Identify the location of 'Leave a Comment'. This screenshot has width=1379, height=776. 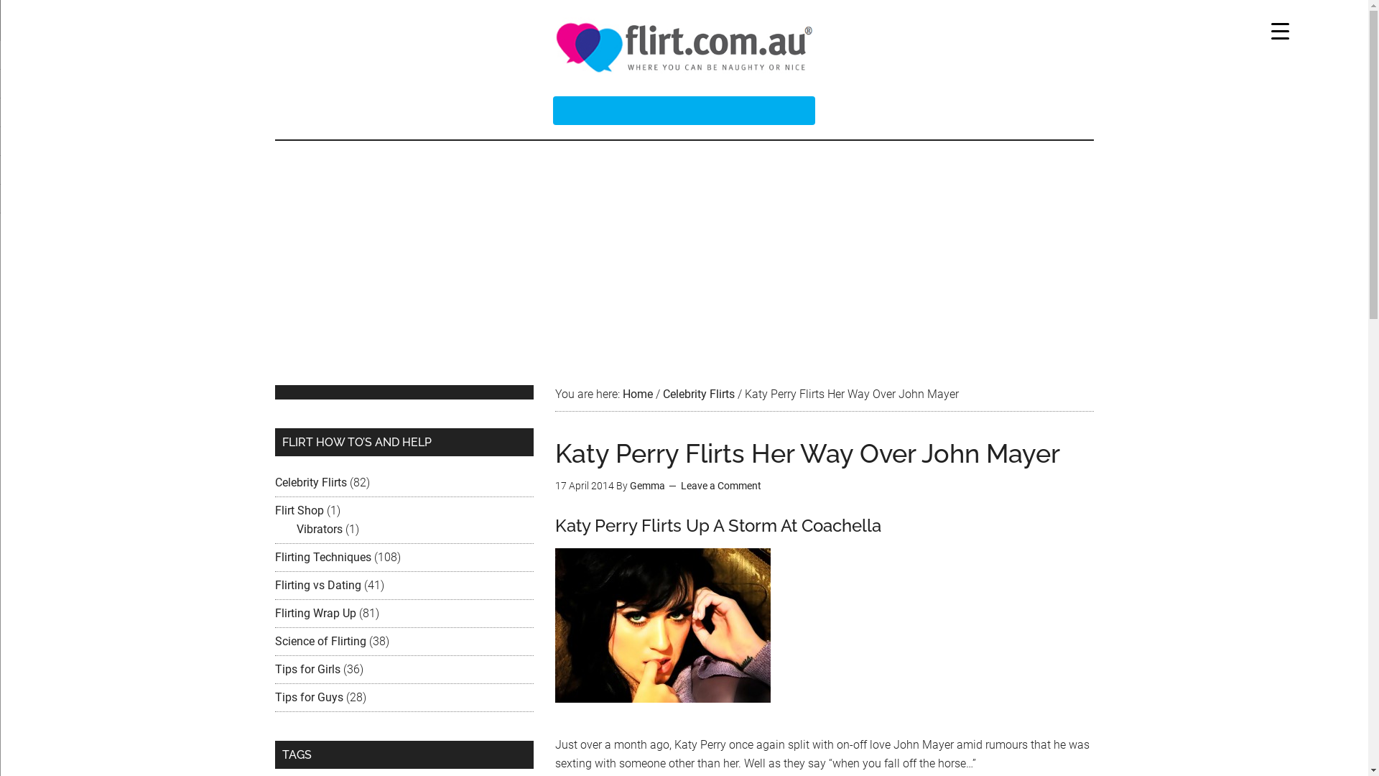
(680, 485).